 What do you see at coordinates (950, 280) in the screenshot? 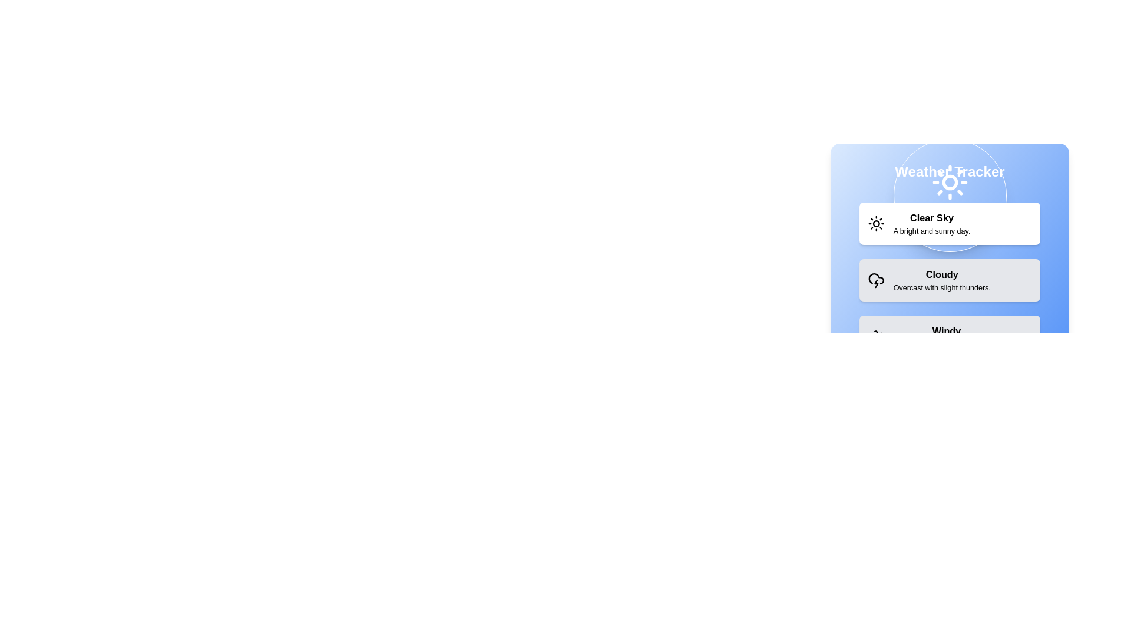
I see `the second weather panel, which has a light gray background, rounded corners, and displays 'Cloudy' with an icon of a cloud and lightning` at bounding box center [950, 280].